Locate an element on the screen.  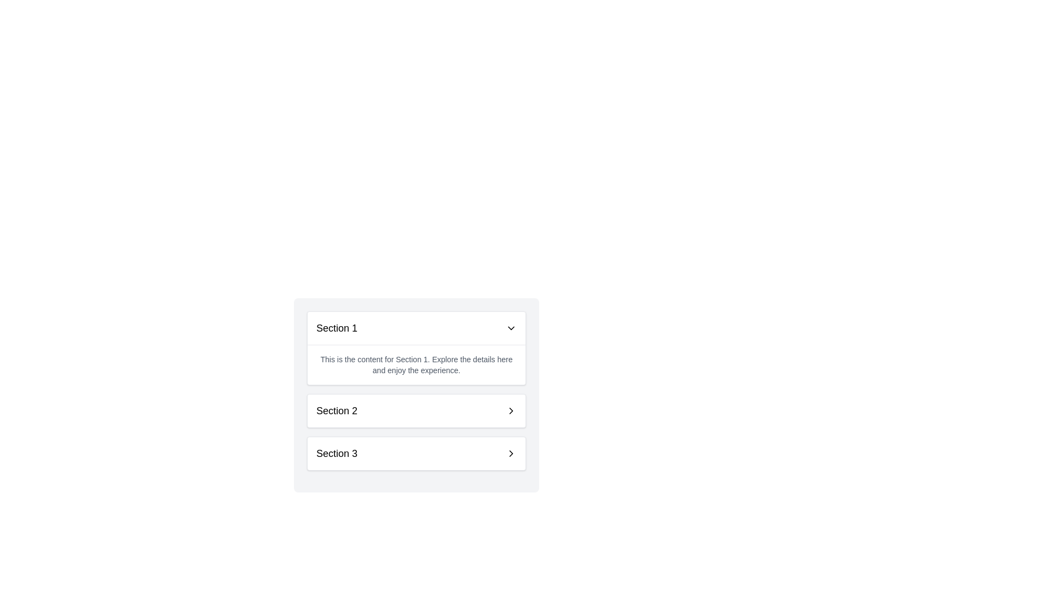
the right-pointing chevron icon button located in the navigation structure of 'Section 2' is located at coordinates (511, 411).